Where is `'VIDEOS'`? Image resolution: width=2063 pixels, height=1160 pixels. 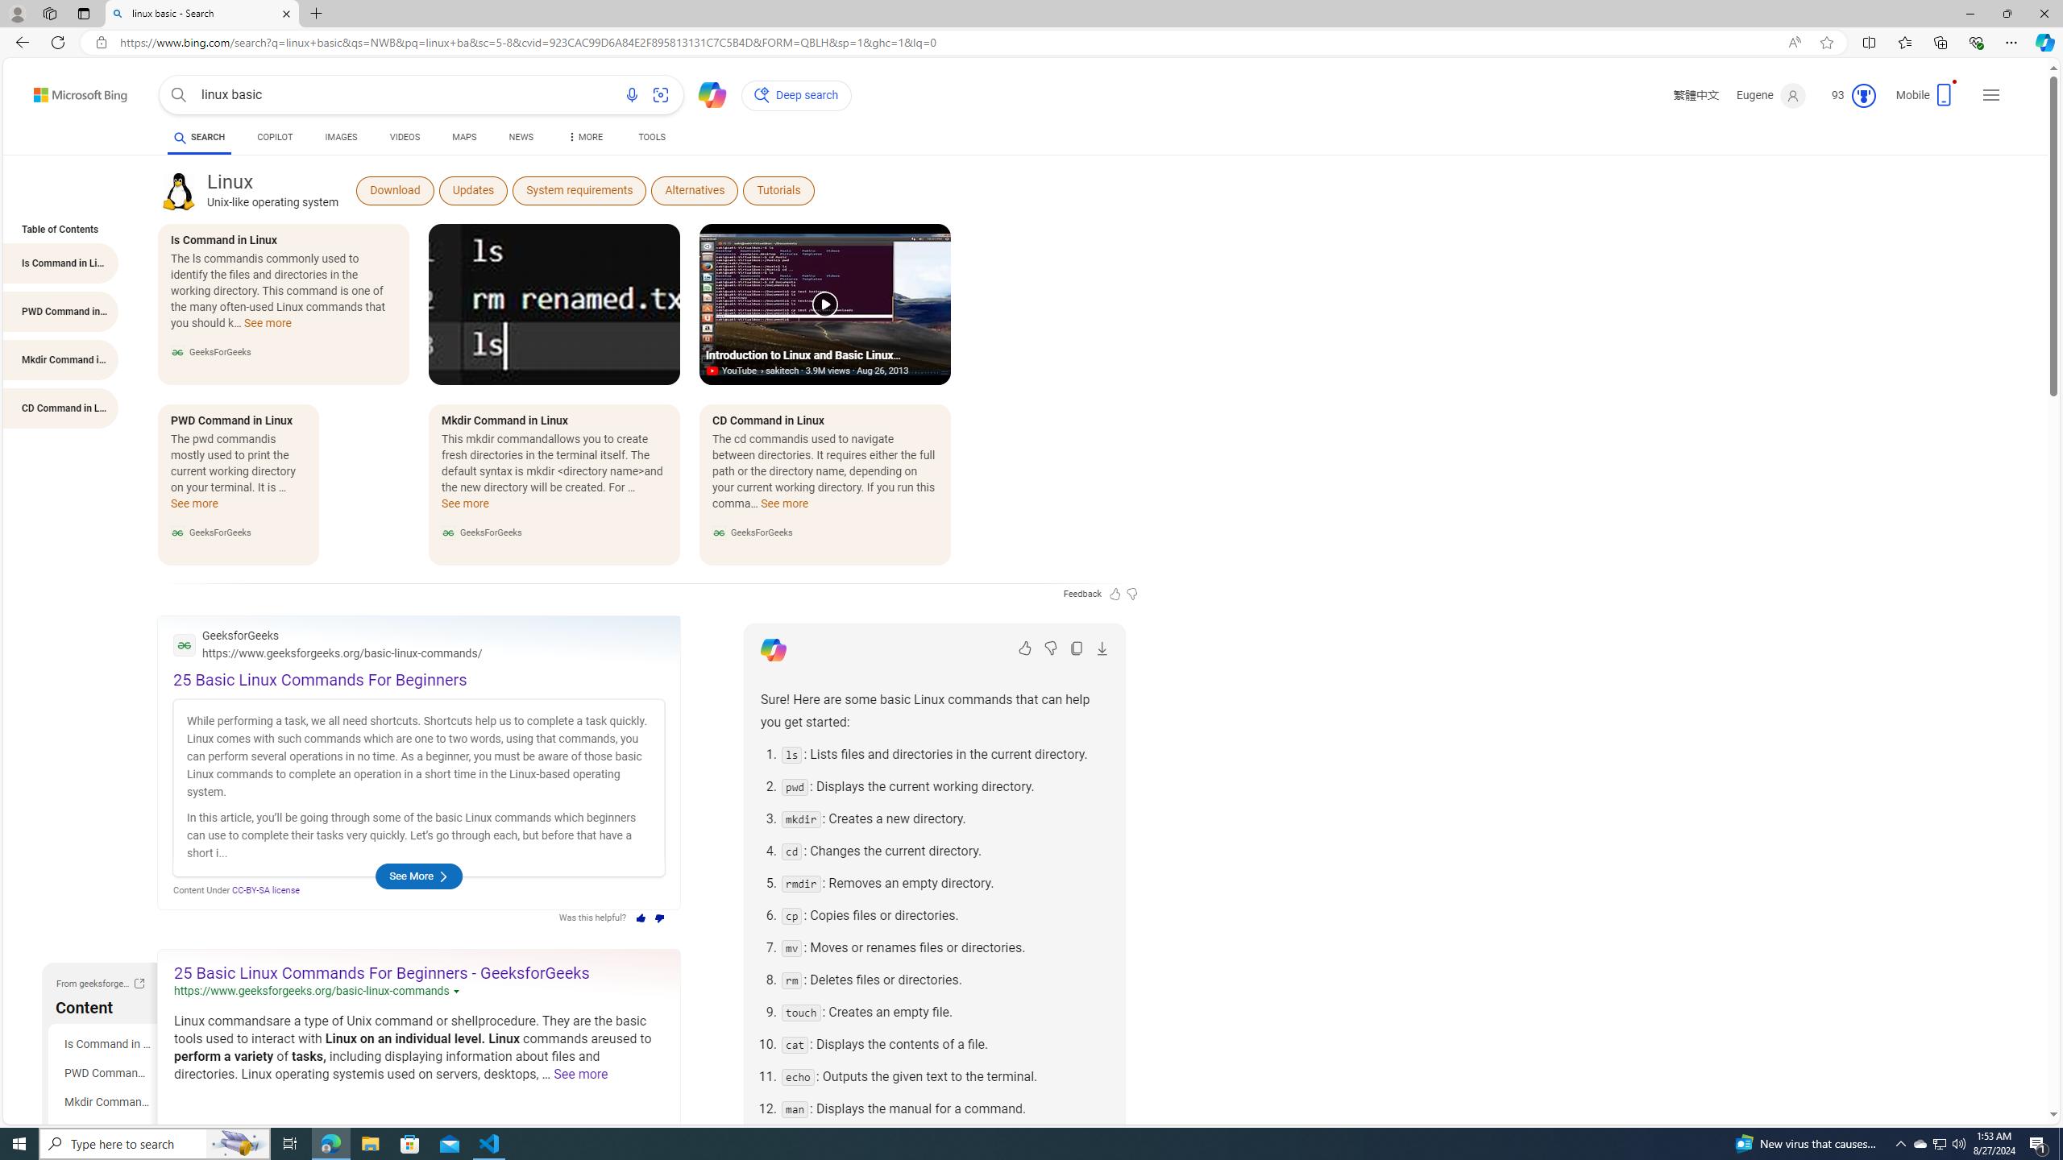 'VIDEOS' is located at coordinates (405, 139).